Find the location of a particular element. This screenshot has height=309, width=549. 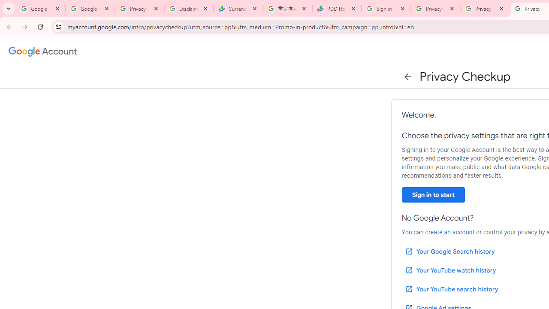

'Google Account settings' is located at coordinates (42, 51).